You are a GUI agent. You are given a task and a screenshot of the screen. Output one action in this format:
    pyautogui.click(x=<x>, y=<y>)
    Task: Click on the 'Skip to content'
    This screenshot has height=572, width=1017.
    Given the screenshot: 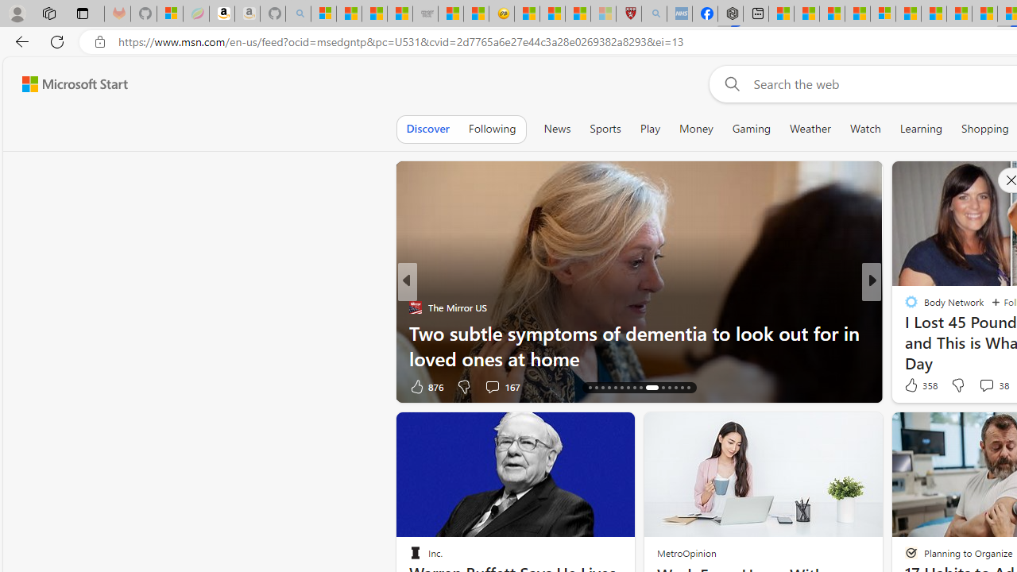 What is the action you would take?
    pyautogui.click(x=68, y=83)
    